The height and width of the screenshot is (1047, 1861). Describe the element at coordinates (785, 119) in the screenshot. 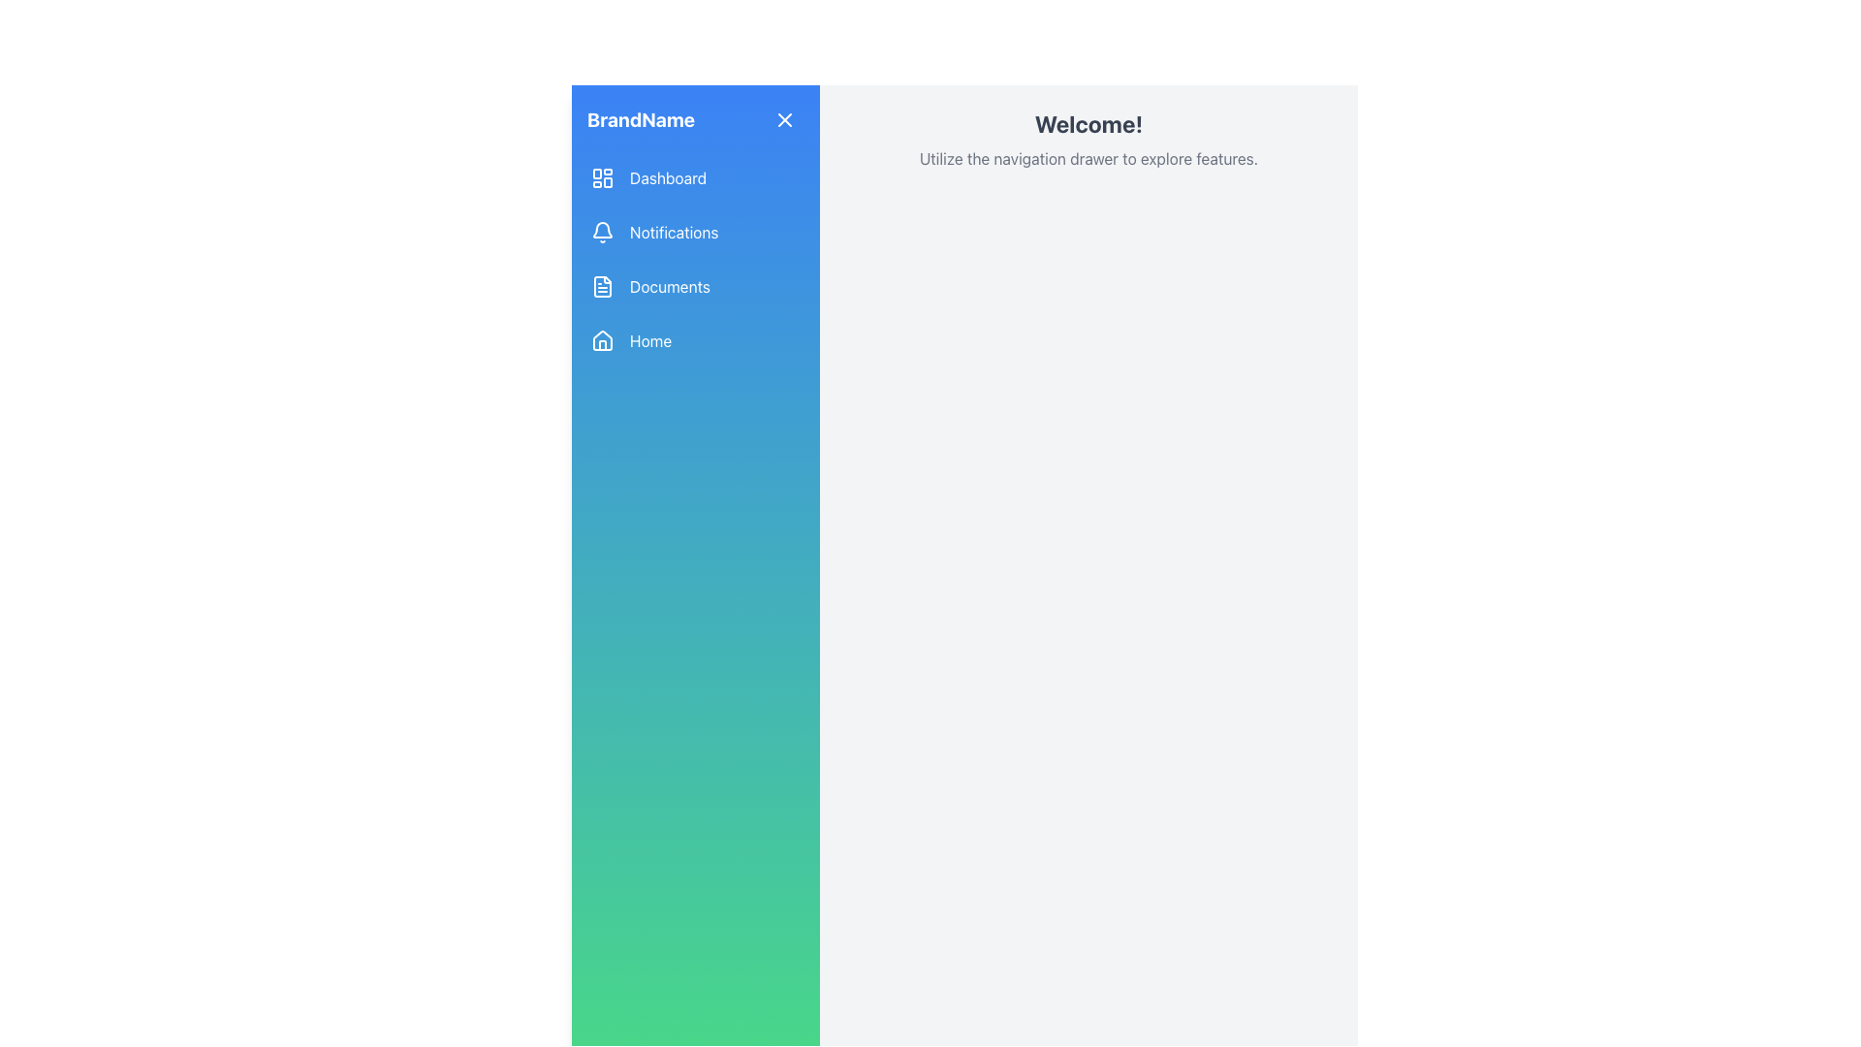

I see `the small 'X' icon with a blue circular background located in the top-right corner of the vertical sidebar adjacent to 'BrandName'` at that location.